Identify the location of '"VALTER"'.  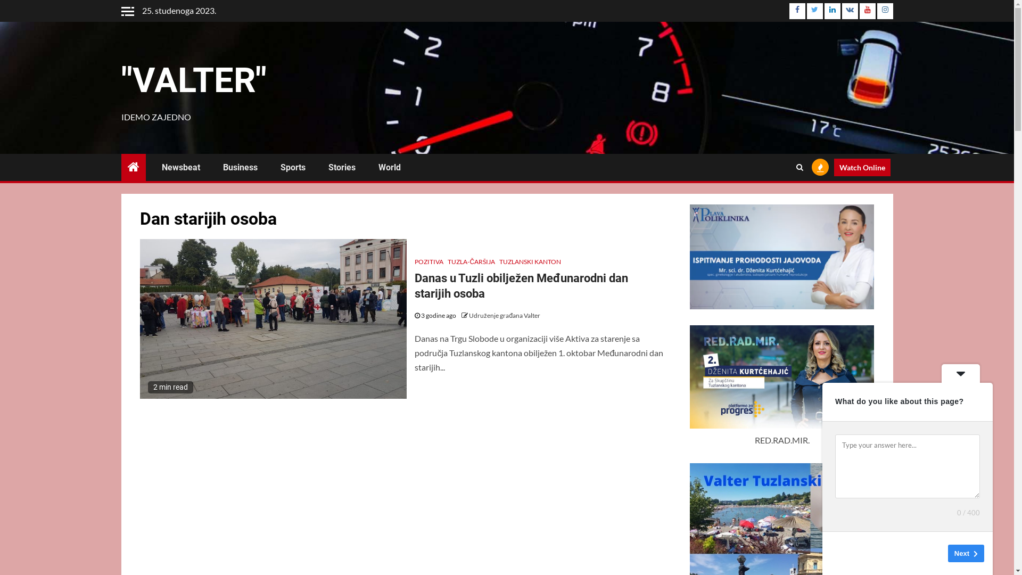
(194, 79).